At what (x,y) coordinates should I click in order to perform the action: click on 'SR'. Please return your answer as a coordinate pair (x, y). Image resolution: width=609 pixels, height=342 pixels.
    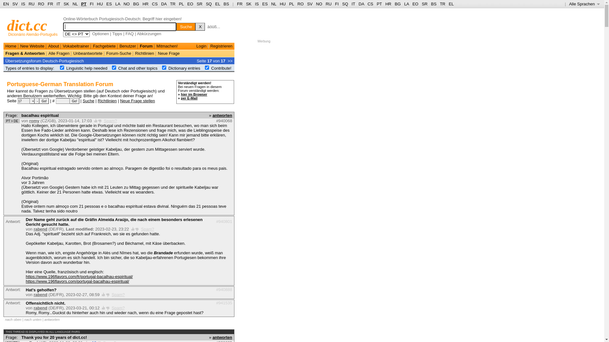
    Looking at the image, I should click on (199, 4).